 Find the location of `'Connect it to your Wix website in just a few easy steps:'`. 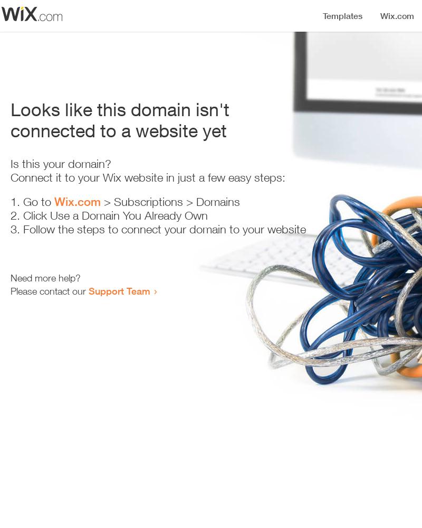

'Connect it to your Wix website in just a few easy steps:' is located at coordinates (11, 177).